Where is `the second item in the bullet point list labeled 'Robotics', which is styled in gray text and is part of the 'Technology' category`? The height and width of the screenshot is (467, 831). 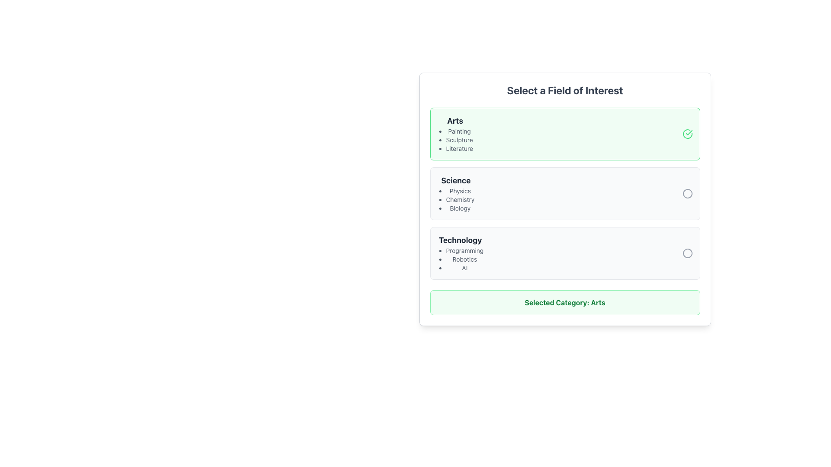
the second item in the bullet point list labeled 'Robotics', which is styled in gray text and is part of the 'Technology' category is located at coordinates (460, 259).